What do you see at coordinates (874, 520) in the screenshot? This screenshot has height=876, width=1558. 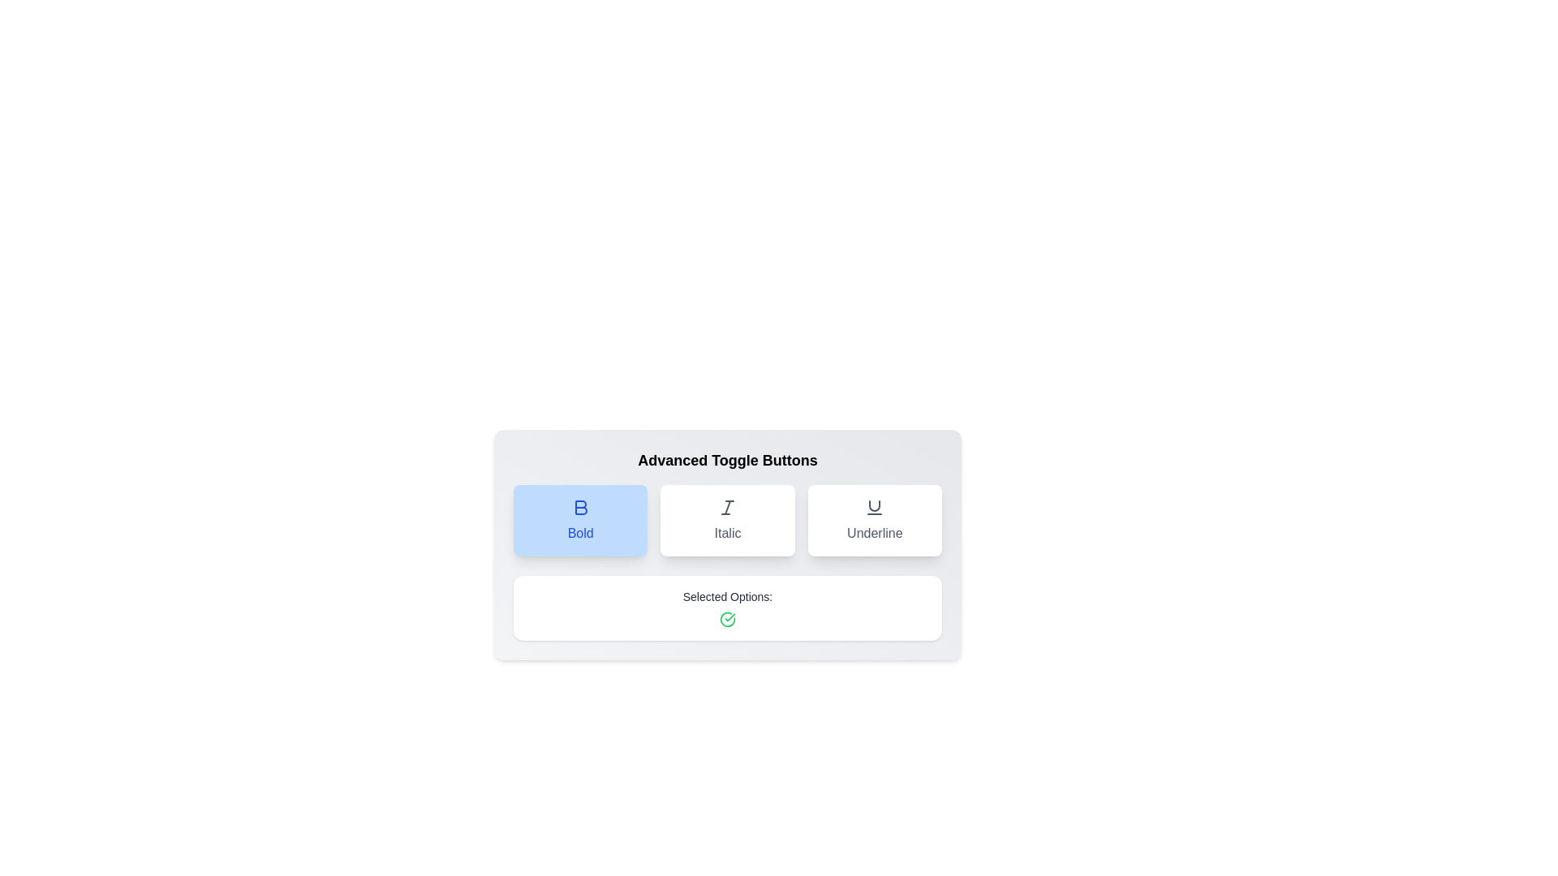 I see `the 'Underline' button to toggle its state` at bounding box center [874, 520].